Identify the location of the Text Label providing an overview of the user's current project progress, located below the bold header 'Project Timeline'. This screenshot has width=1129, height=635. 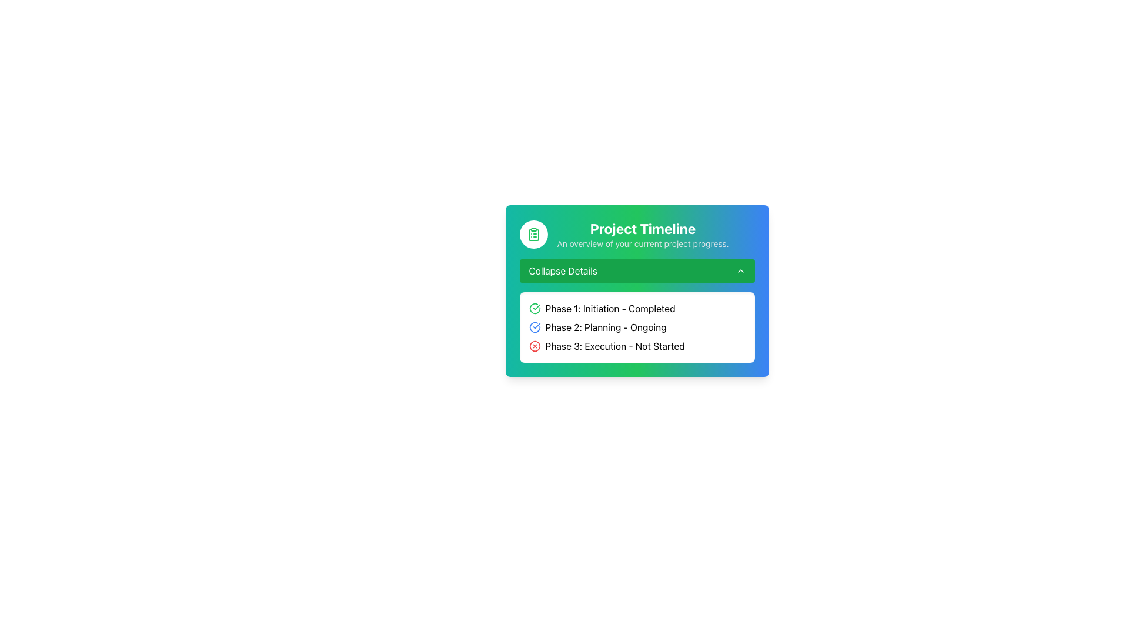
(642, 243).